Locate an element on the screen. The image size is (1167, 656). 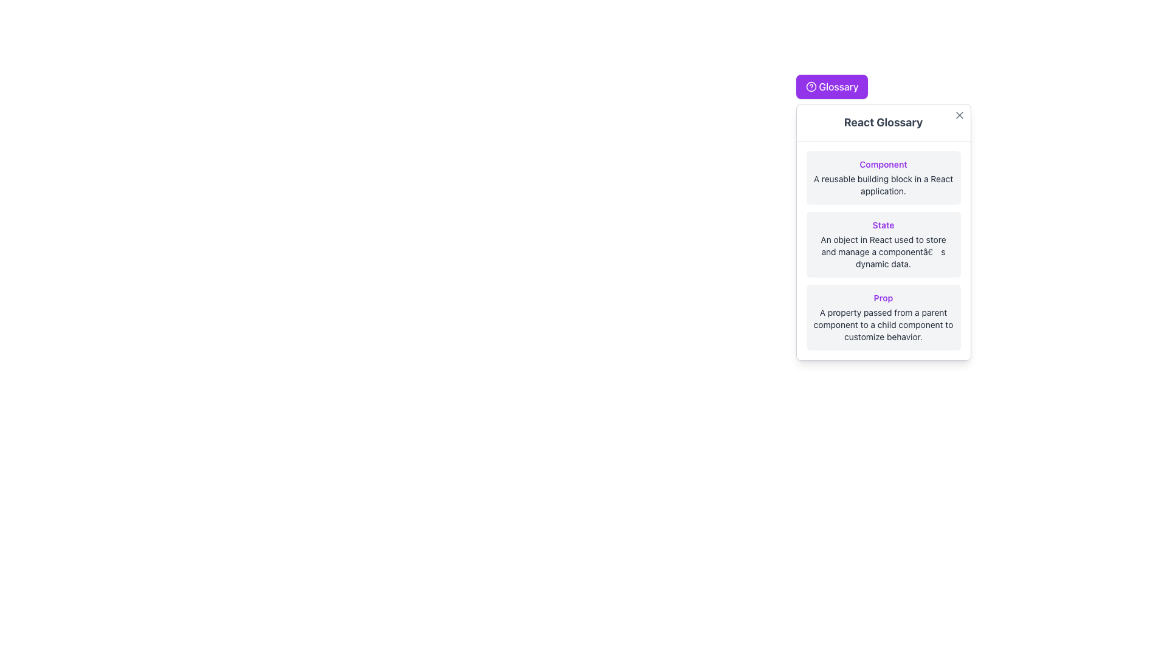
the Text Label that serves as the title of the glossary section, located directly below the purple button labeled 'Glossary' is located at coordinates (883, 122).